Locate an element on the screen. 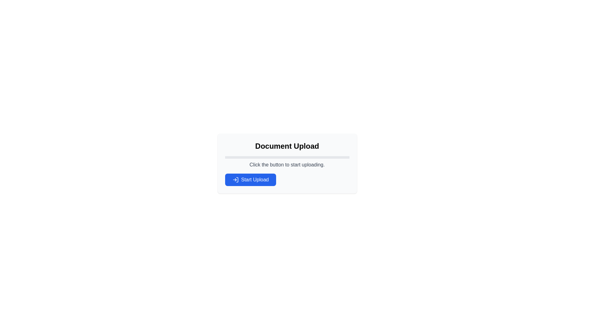 The image size is (597, 336). the login/arrow icon on the left side of the 'Start Upload' blue button, which is centrally located within the upload form is located at coordinates (235, 180).